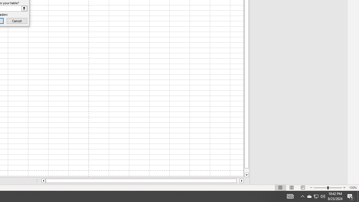 The width and height of the screenshot is (359, 202). What do you see at coordinates (344, 188) in the screenshot?
I see `'Zoom In'` at bounding box center [344, 188].